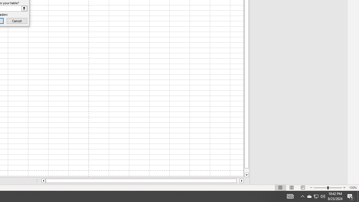 The width and height of the screenshot is (359, 202). What do you see at coordinates (344, 188) in the screenshot?
I see `'Zoom In'` at bounding box center [344, 188].